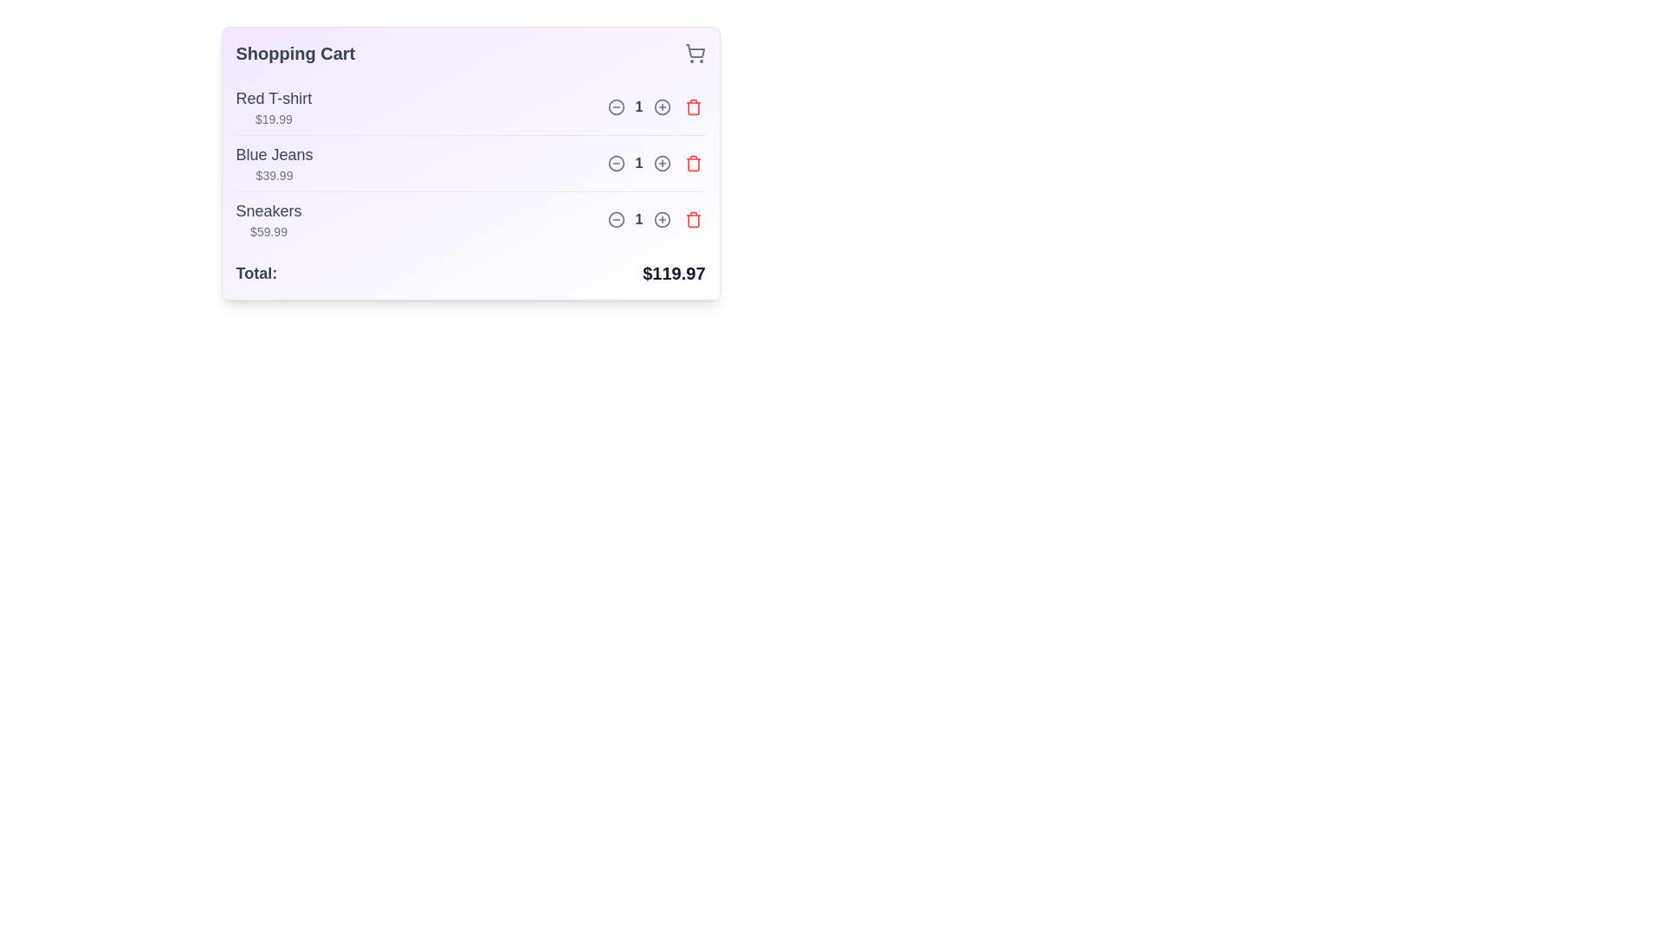 The width and height of the screenshot is (1663, 935). I want to click on the circular outline element in the quantity adjustment group for the second item, Blue Jeans, which is positioned to the right of the item's quantity and to the left of the trash bin icon, so click(661, 164).